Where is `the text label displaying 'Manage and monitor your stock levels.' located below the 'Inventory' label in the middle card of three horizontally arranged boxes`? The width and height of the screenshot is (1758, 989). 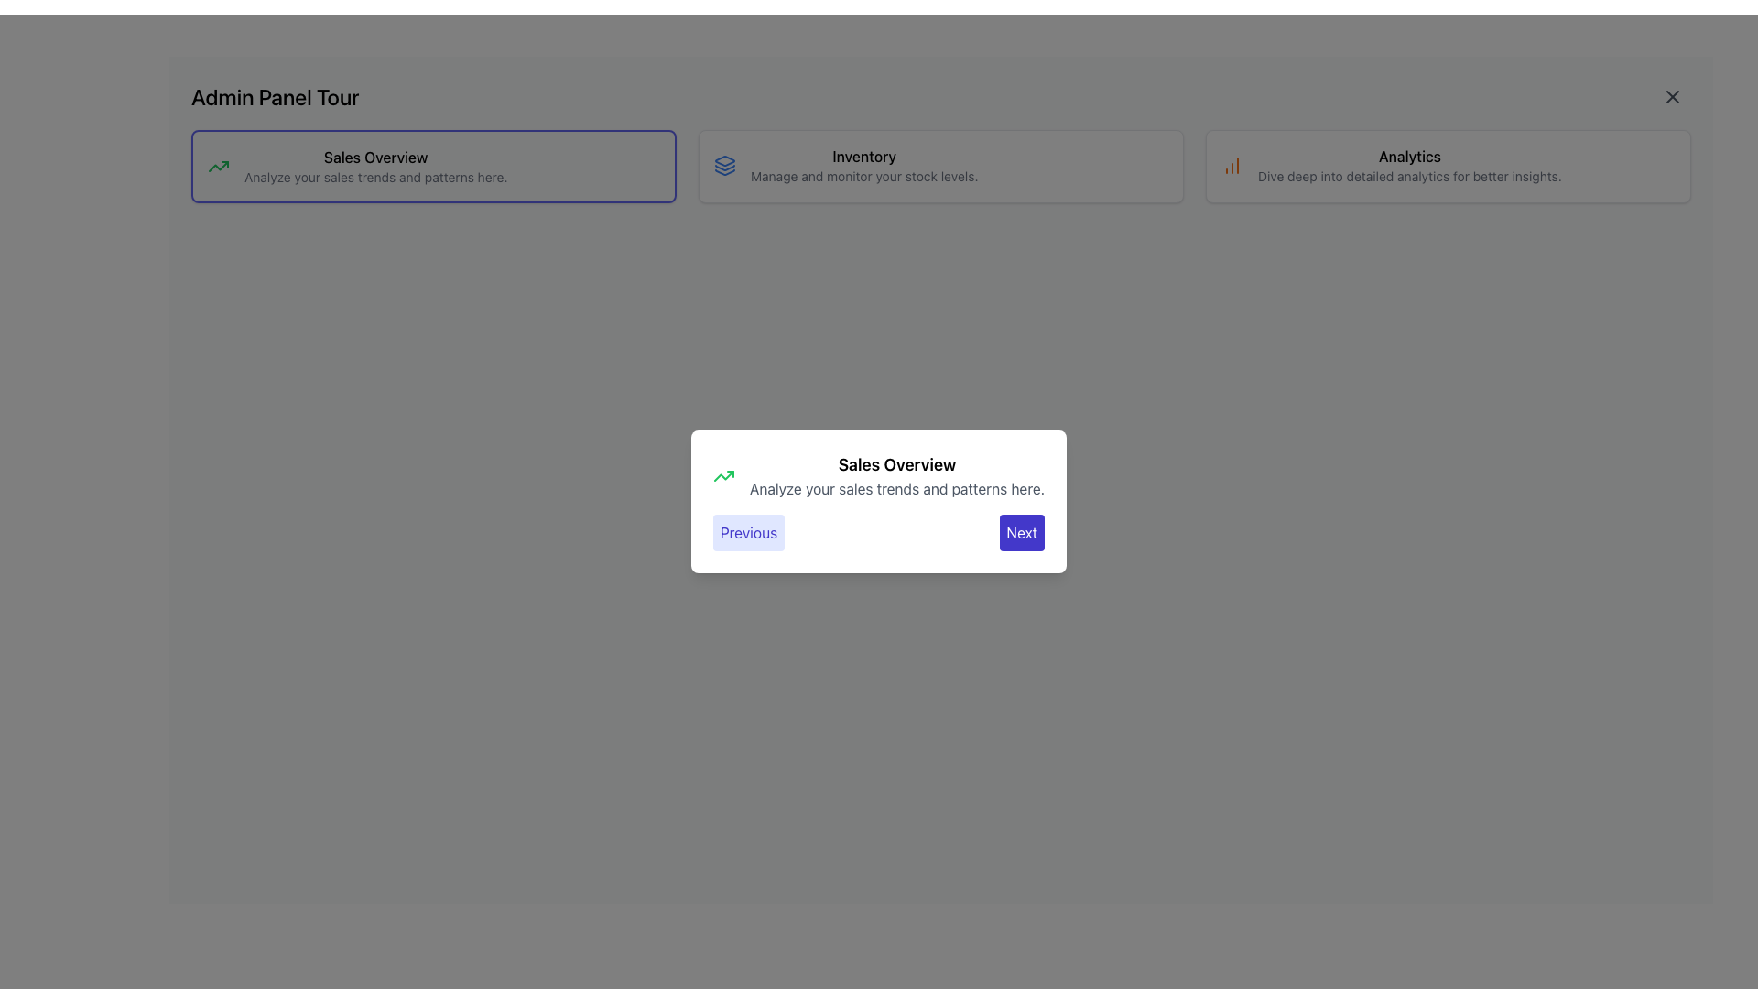
the text label displaying 'Manage and monitor your stock levels.' located below the 'Inventory' label in the middle card of three horizontally arranged boxes is located at coordinates (863, 176).